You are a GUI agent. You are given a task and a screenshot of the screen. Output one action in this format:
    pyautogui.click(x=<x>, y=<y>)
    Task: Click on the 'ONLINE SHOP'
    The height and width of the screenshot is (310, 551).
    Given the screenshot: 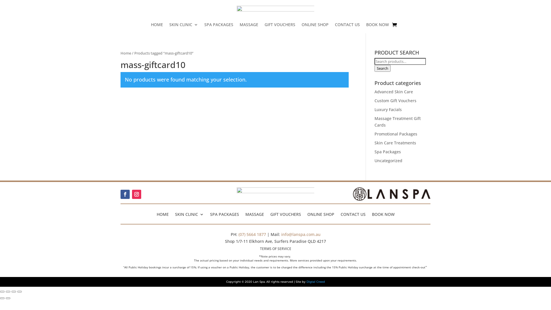 What is the action you would take?
    pyautogui.click(x=320, y=213)
    